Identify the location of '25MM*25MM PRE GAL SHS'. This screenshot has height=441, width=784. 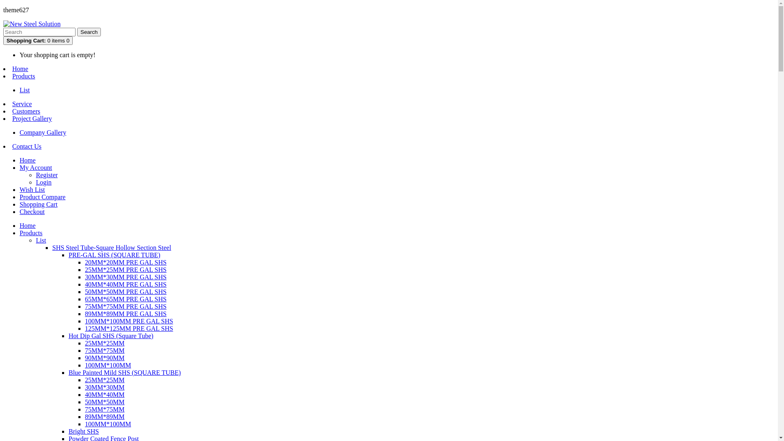
(125, 269).